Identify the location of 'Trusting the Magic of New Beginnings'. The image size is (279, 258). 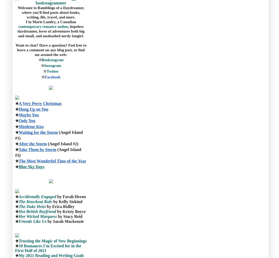
(18, 241).